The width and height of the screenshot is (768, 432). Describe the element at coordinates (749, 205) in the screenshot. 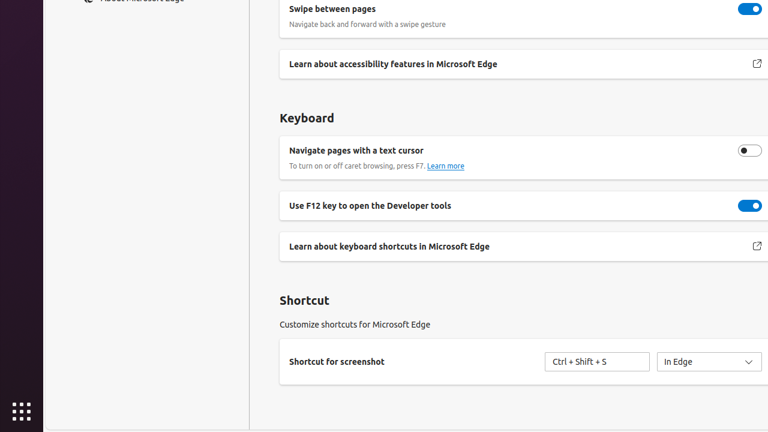

I see `'Use F12 key to open the Developer tools'` at that location.